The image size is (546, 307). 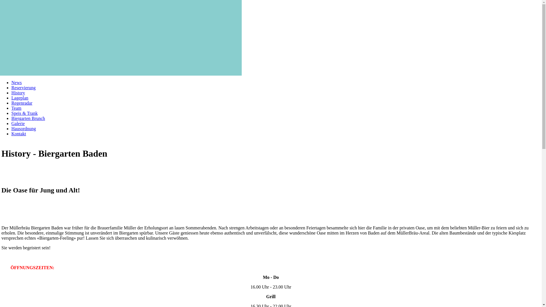 What do you see at coordinates (18, 92) in the screenshot?
I see `'History'` at bounding box center [18, 92].